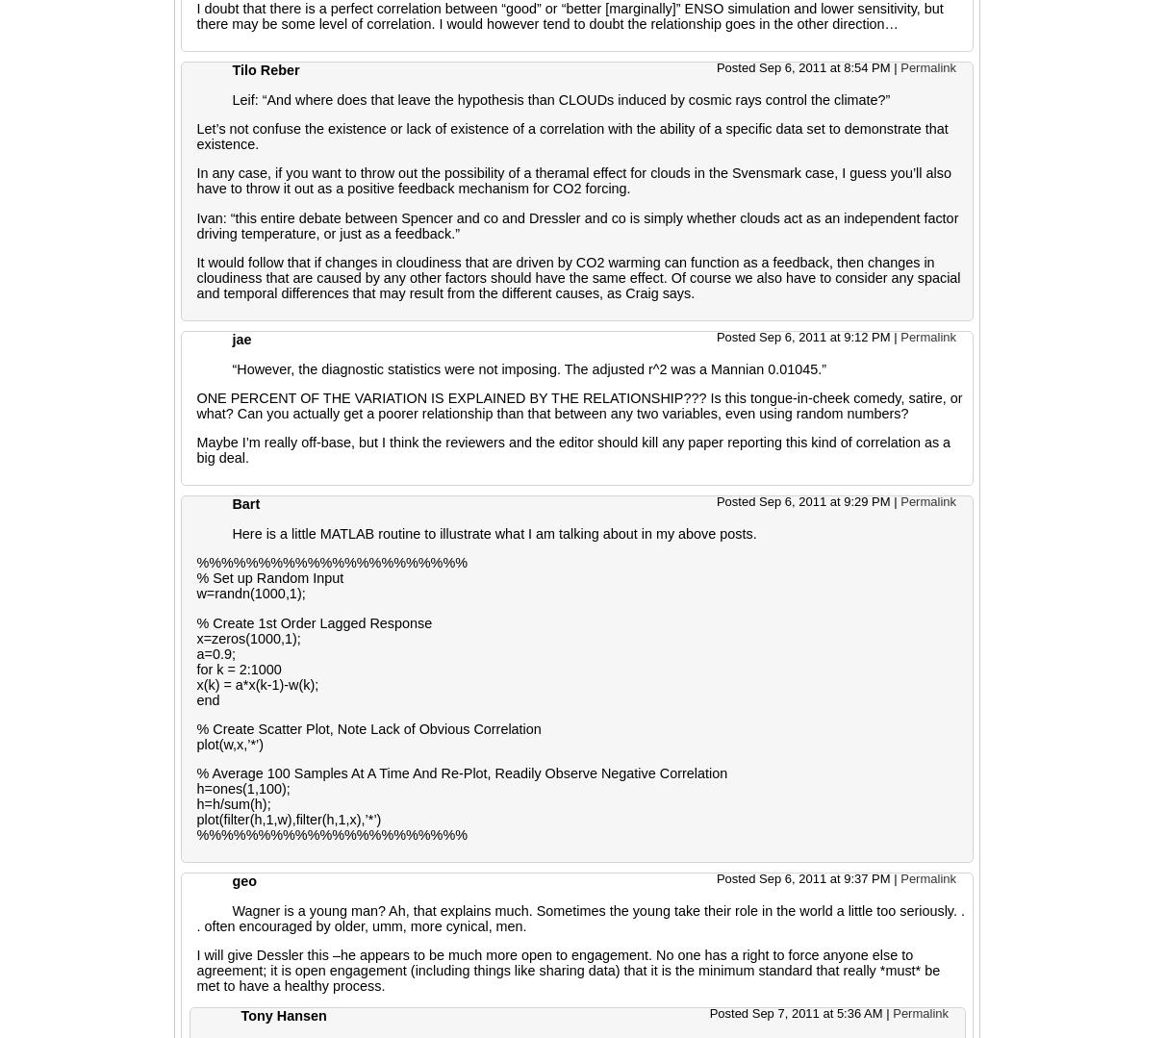 The height and width of the screenshot is (1038, 1166). What do you see at coordinates (579, 918) in the screenshot?
I see `'Wagner is a young man? Ah, that explains much. Sometimes the young take their role in the world a little too seriously. . . often encouraged by older, umm, more cynical, men.'` at bounding box center [579, 918].